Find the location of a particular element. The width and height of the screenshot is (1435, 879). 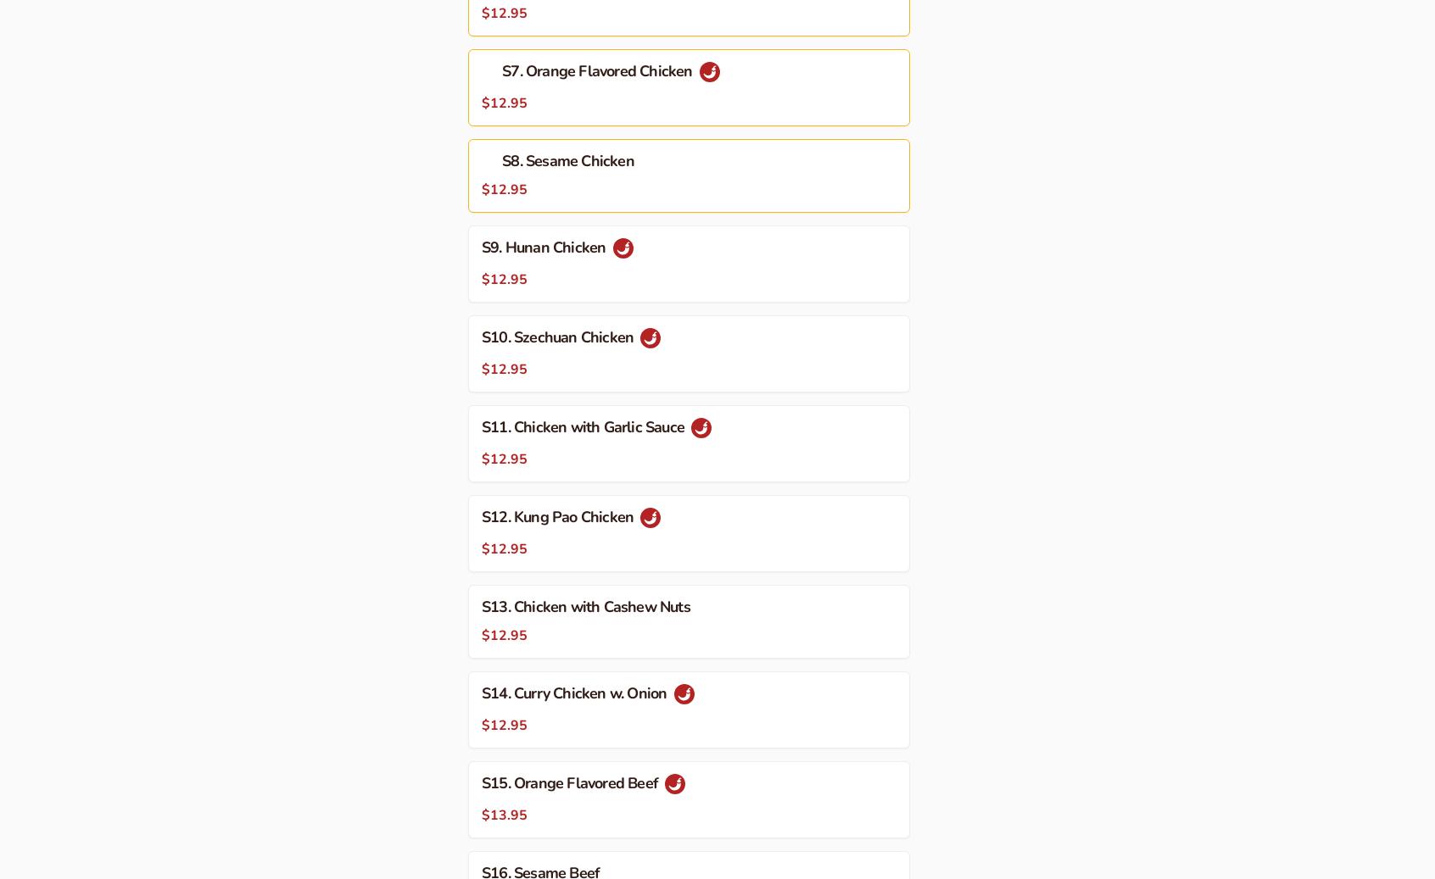

'S12.  Kung Pao Chicken' is located at coordinates (559, 516).